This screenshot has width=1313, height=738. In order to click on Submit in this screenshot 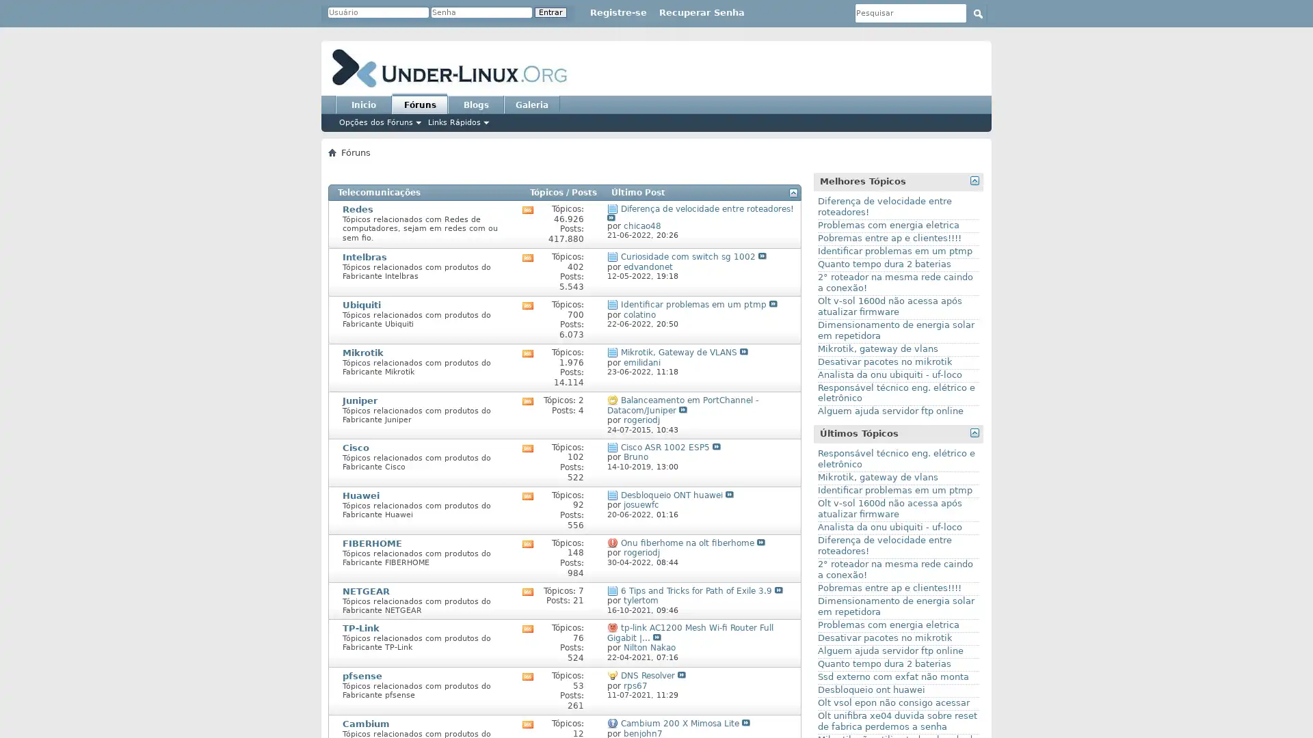, I will do `click(977, 13)`.